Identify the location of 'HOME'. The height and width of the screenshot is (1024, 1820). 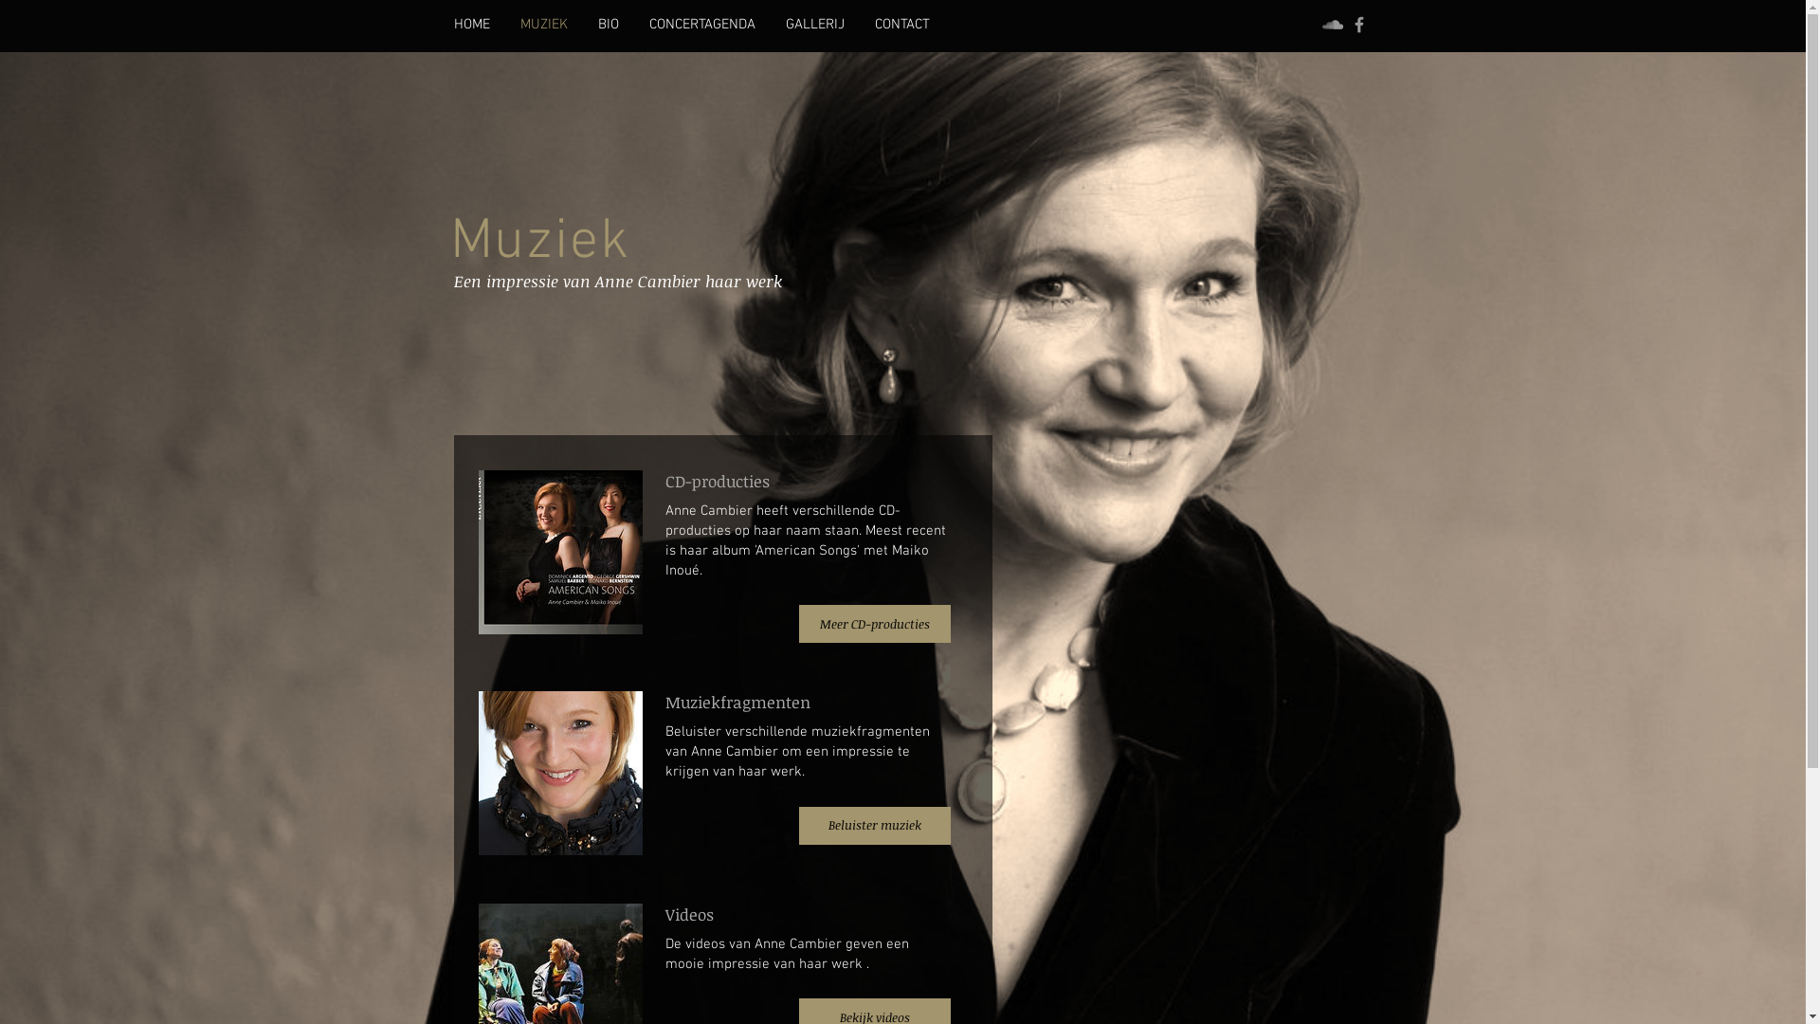
(471, 25).